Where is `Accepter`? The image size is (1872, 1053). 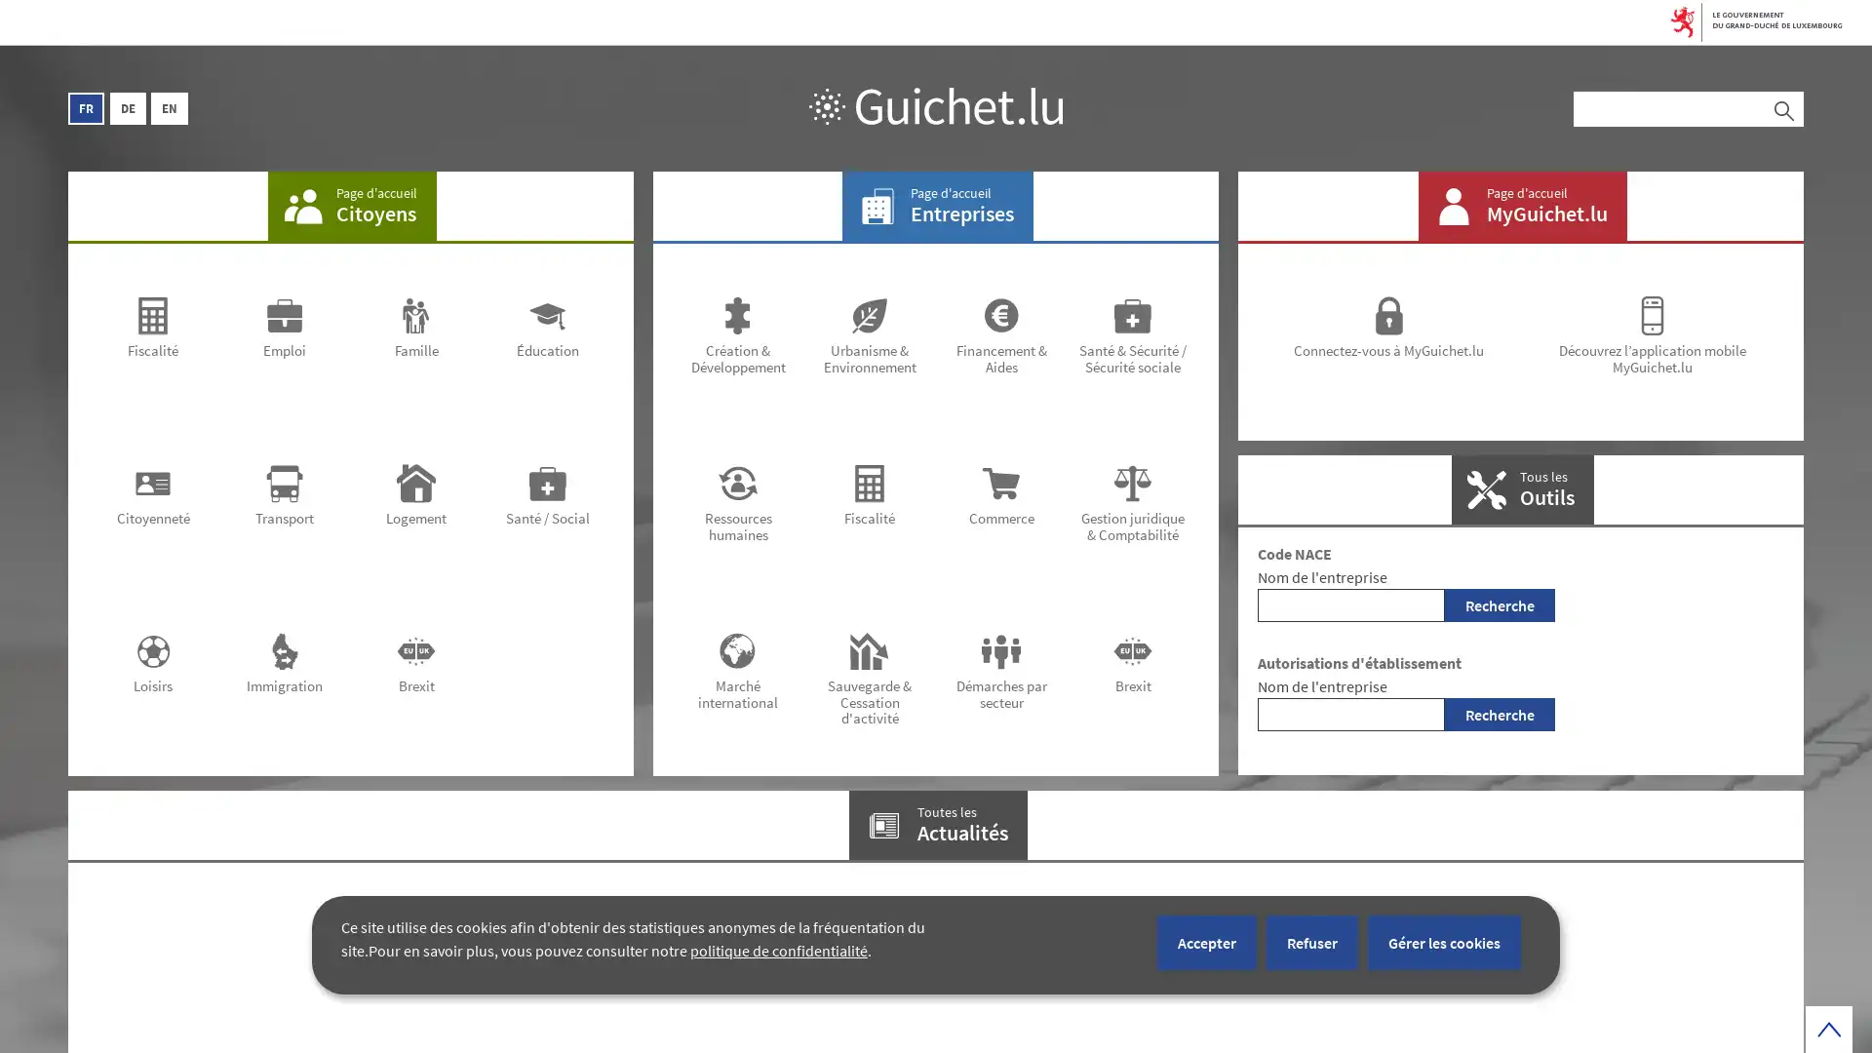 Accepter is located at coordinates (1206, 942).